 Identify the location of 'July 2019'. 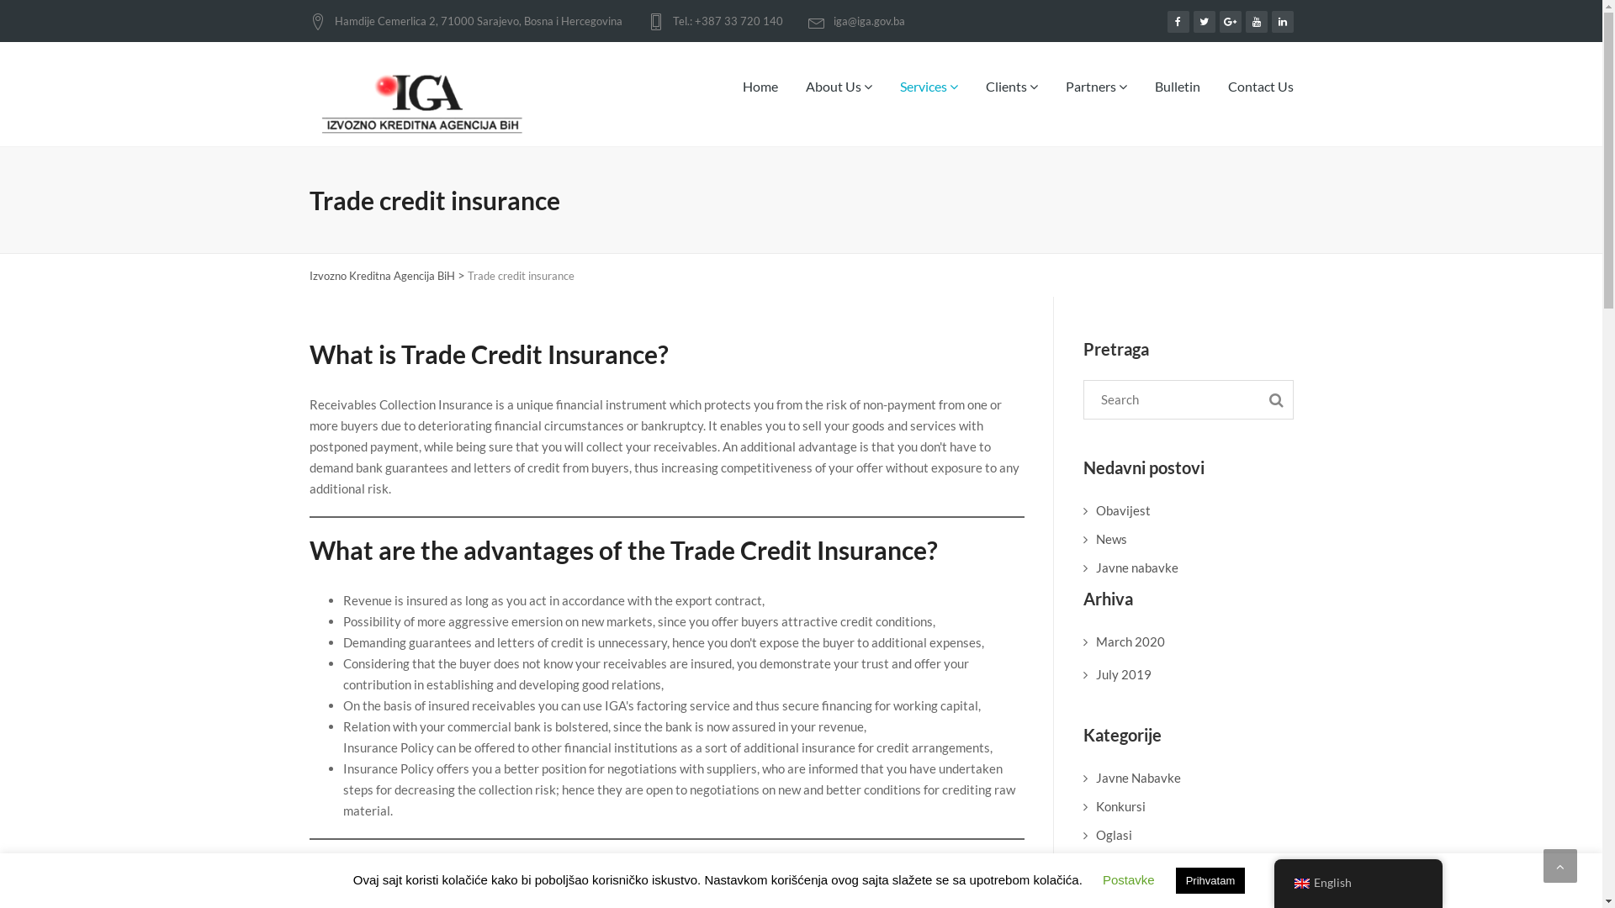
(1122, 673).